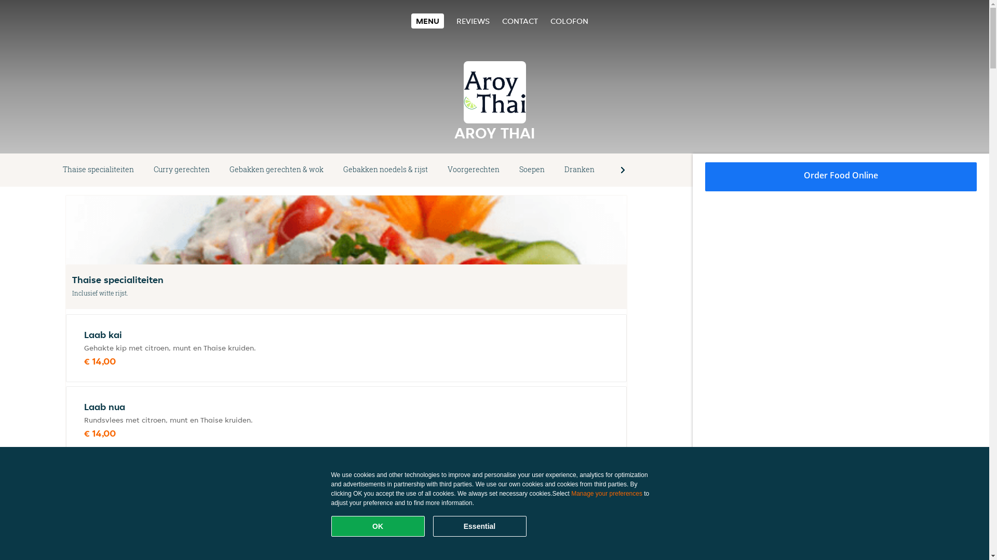 This screenshot has width=997, height=560. I want to click on 'REVIEWS', so click(456, 21).